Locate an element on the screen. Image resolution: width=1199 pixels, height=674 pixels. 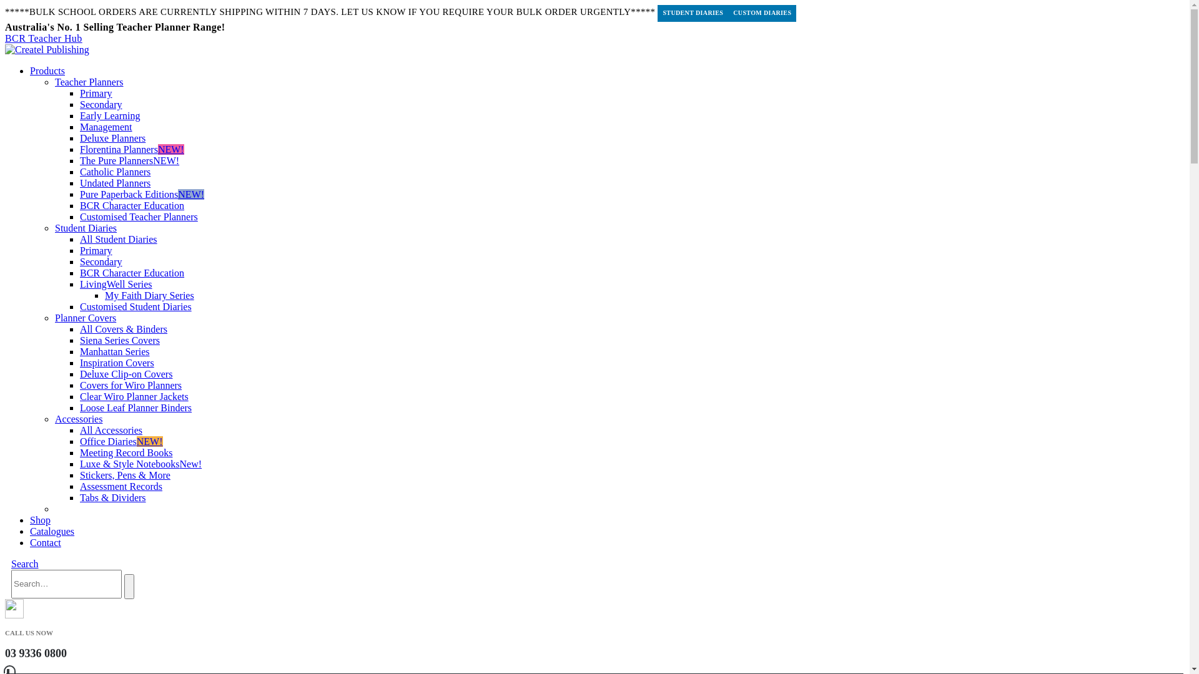
'Manhattan Series' is located at coordinates (79, 351).